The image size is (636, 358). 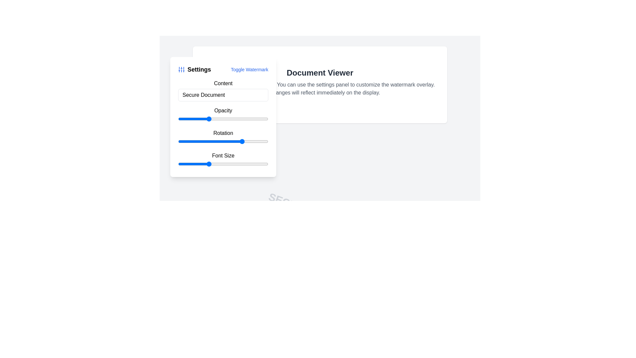 I want to click on the rotation value, so click(x=253, y=141).